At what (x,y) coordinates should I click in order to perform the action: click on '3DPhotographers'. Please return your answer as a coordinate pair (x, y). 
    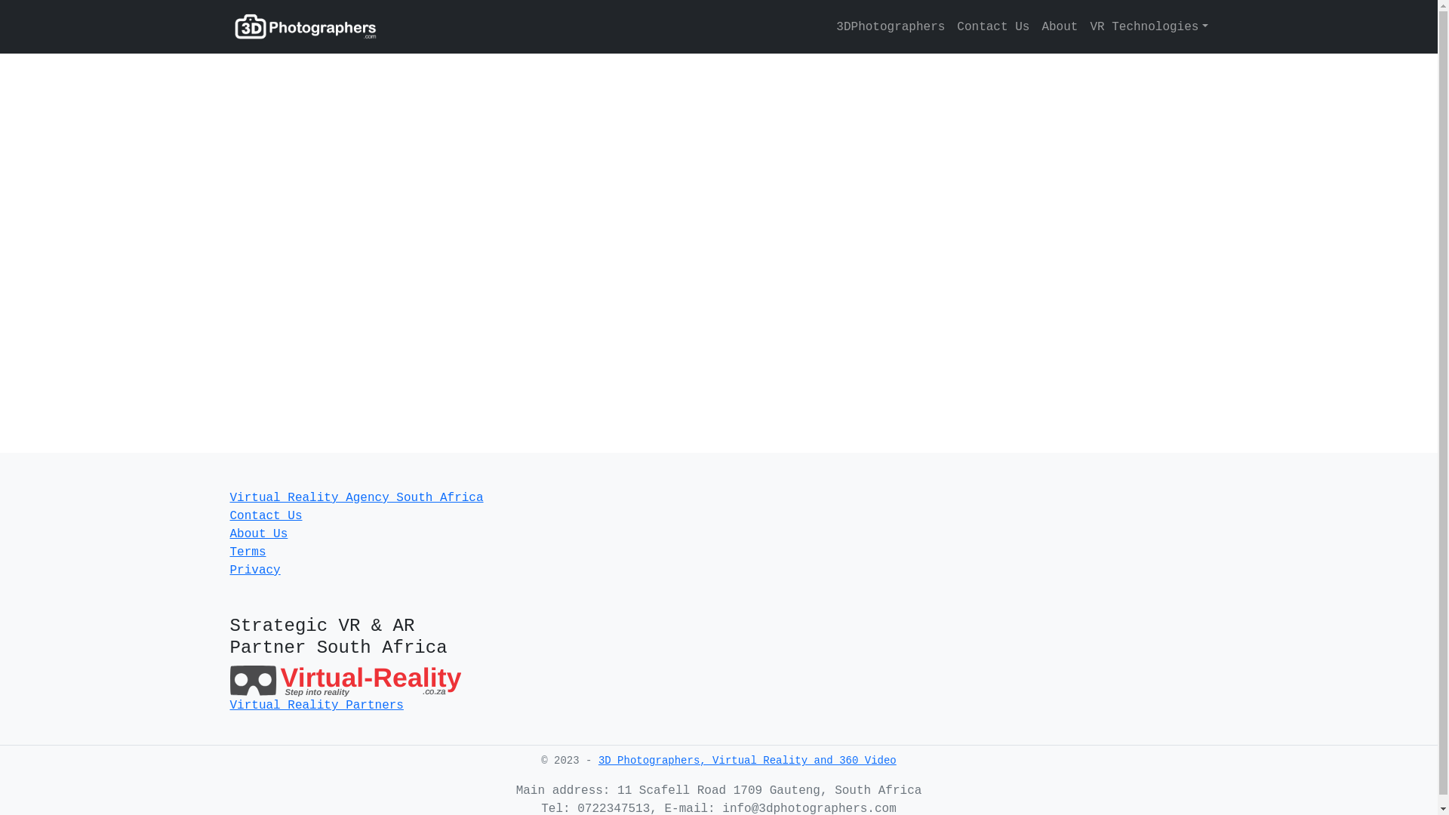
    Looking at the image, I should click on (891, 26).